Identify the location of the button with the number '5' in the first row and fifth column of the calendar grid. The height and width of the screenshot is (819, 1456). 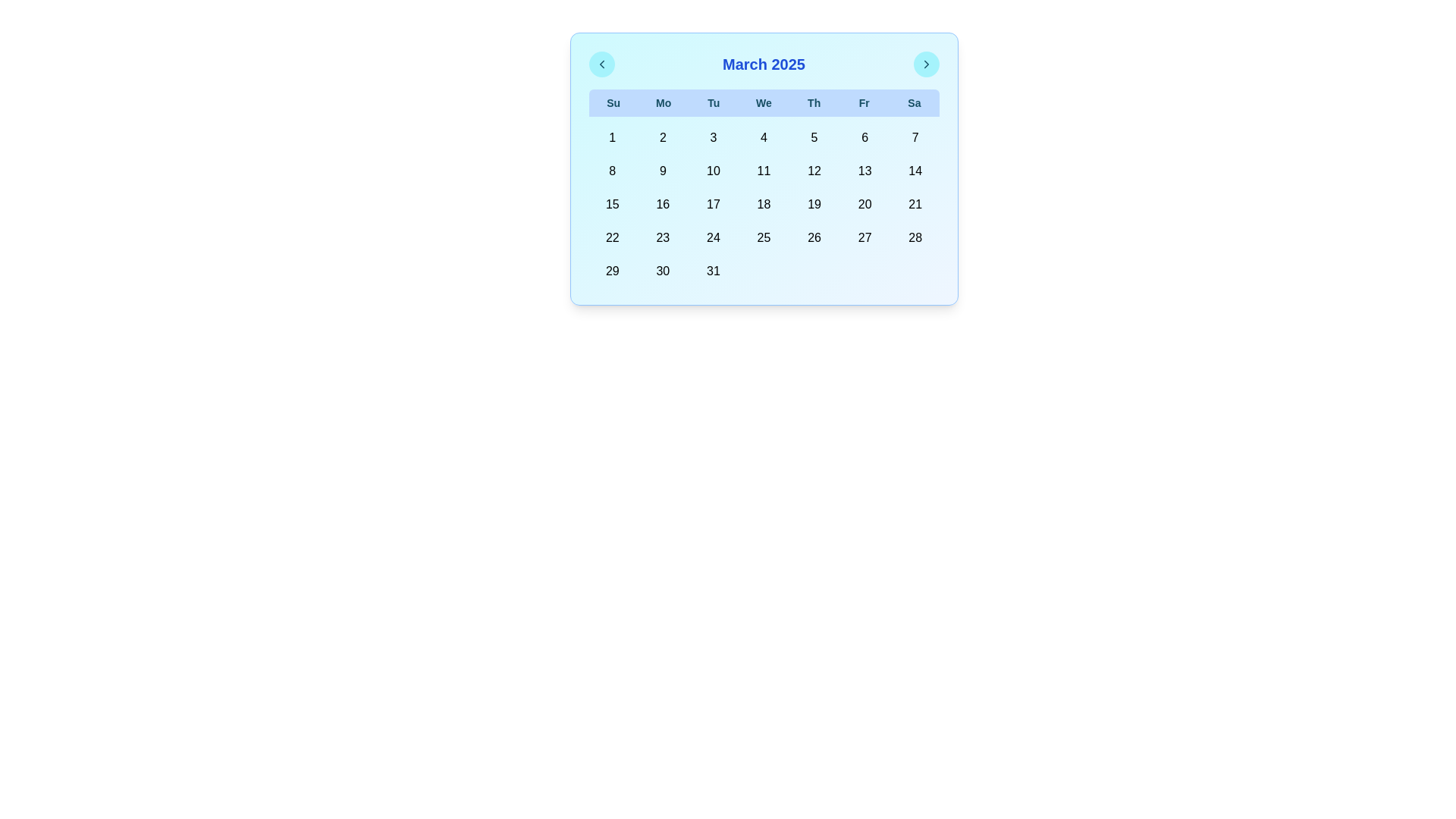
(814, 137).